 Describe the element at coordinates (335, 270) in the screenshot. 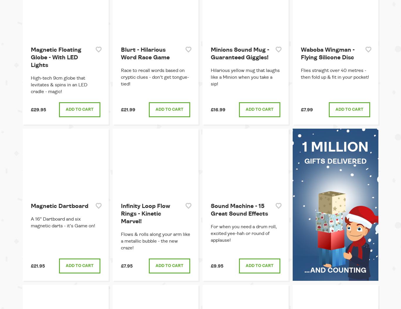

I see `'...and counting'` at that location.